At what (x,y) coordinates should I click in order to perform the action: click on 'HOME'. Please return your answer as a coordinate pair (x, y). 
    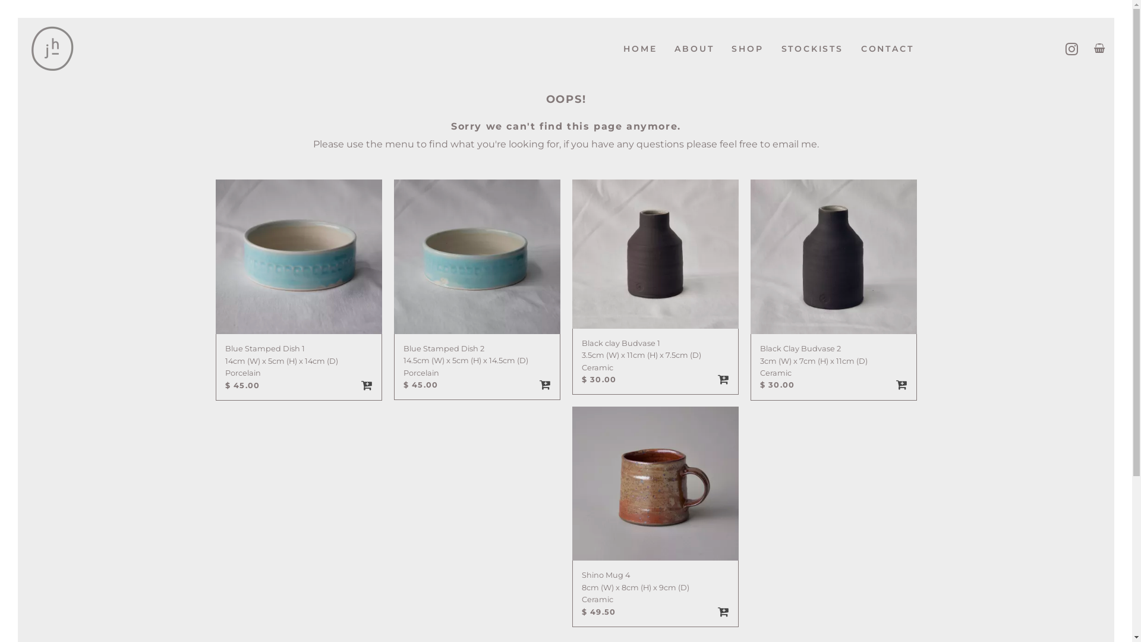
    Looking at the image, I should click on (639, 48).